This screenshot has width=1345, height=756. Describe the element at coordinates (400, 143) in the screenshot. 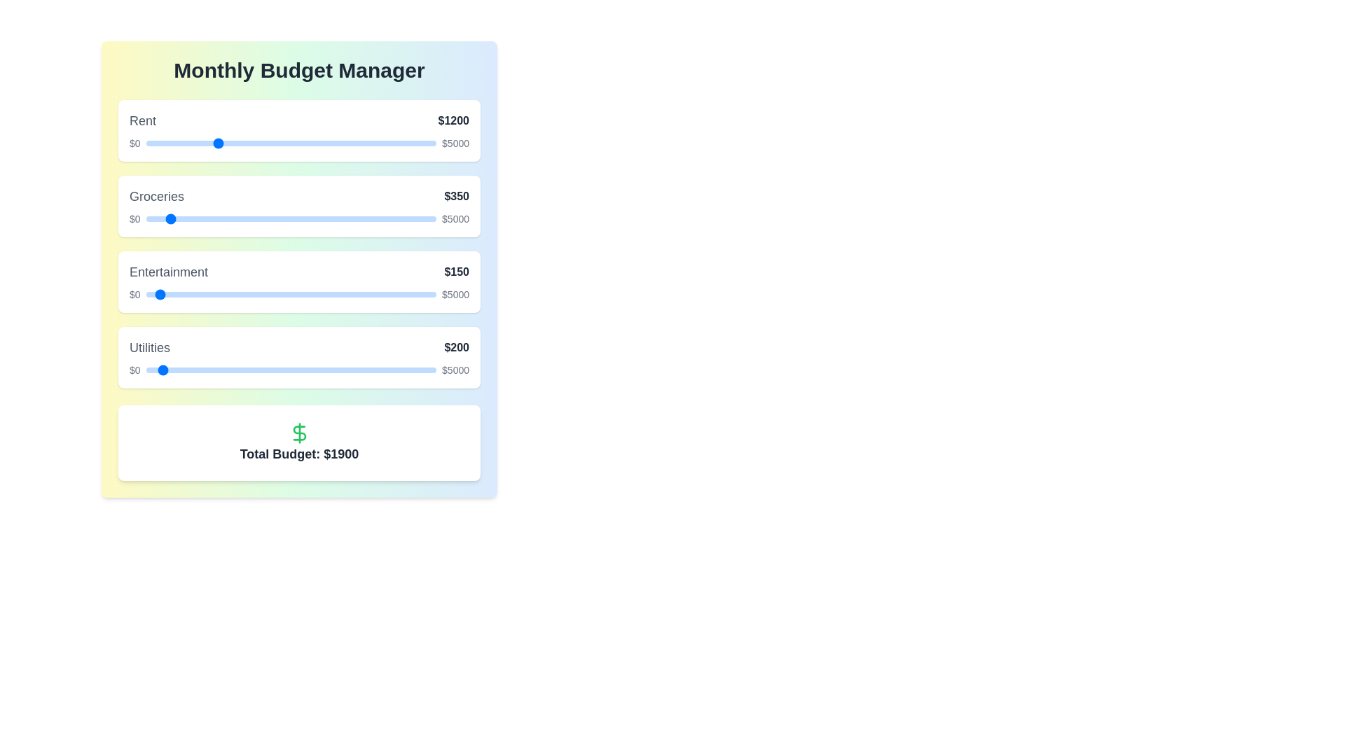

I see `rent budget` at that location.